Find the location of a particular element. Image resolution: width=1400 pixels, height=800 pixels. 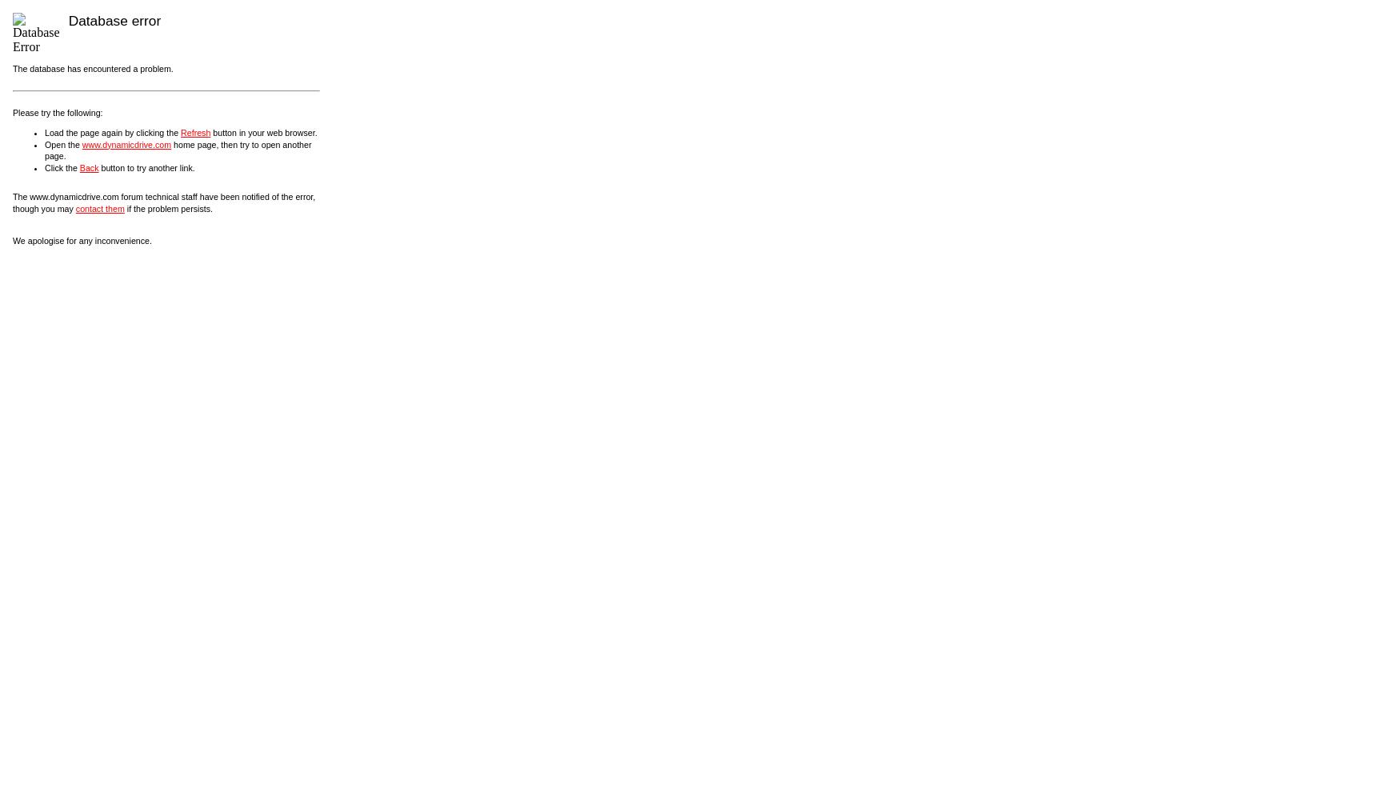

'We apologise for any inconvenience.' is located at coordinates (11, 241).